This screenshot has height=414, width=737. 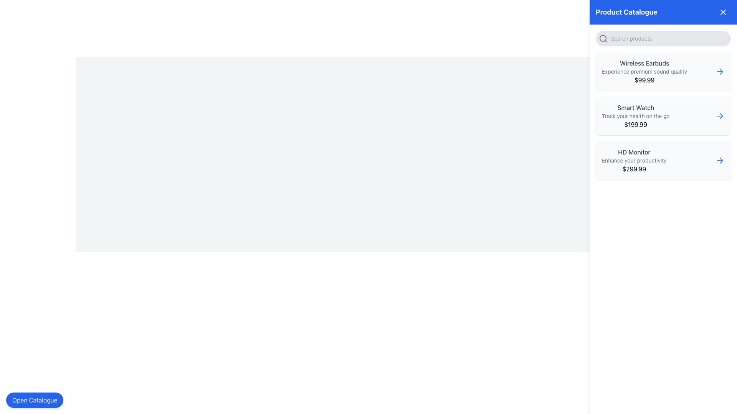 What do you see at coordinates (634, 152) in the screenshot?
I see `the 'HD Monitor' text label displayed in gray color with medium font weight, located on the third product card in the vertical list of the product catalogue interface` at bounding box center [634, 152].